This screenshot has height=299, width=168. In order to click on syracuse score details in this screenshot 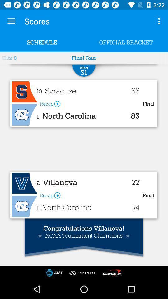, I will do `click(24, 92)`.